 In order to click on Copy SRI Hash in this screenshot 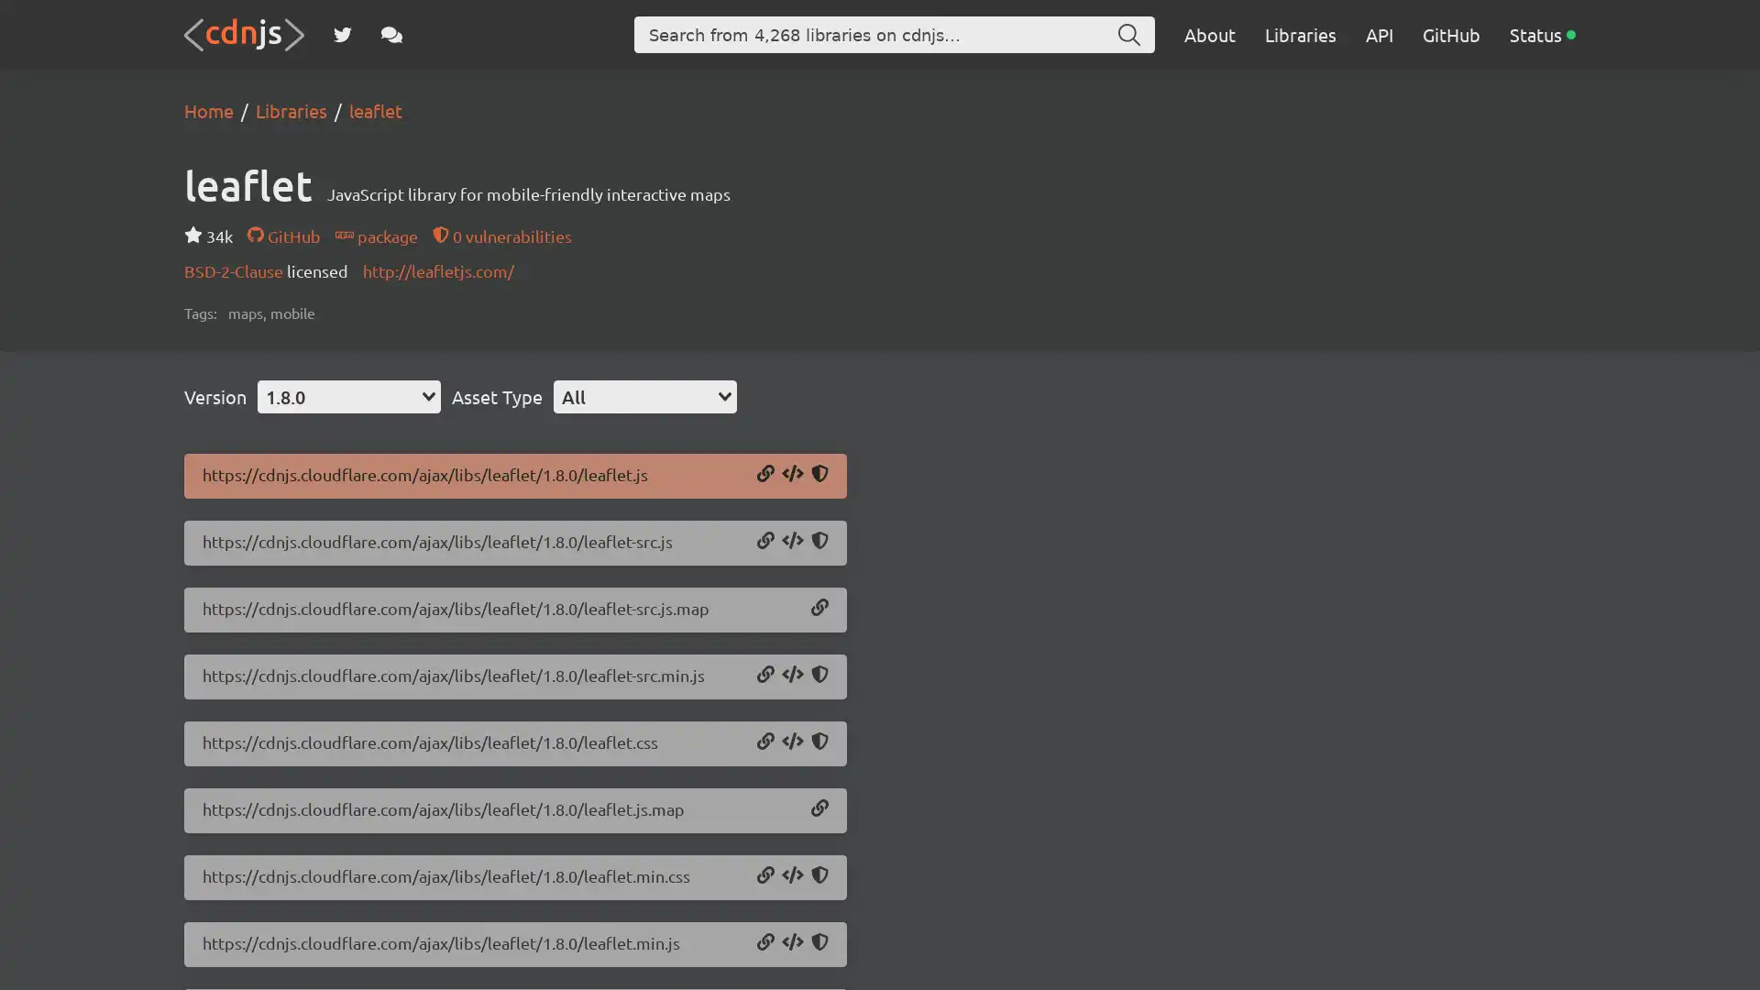, I will do `click(819, 875)`.